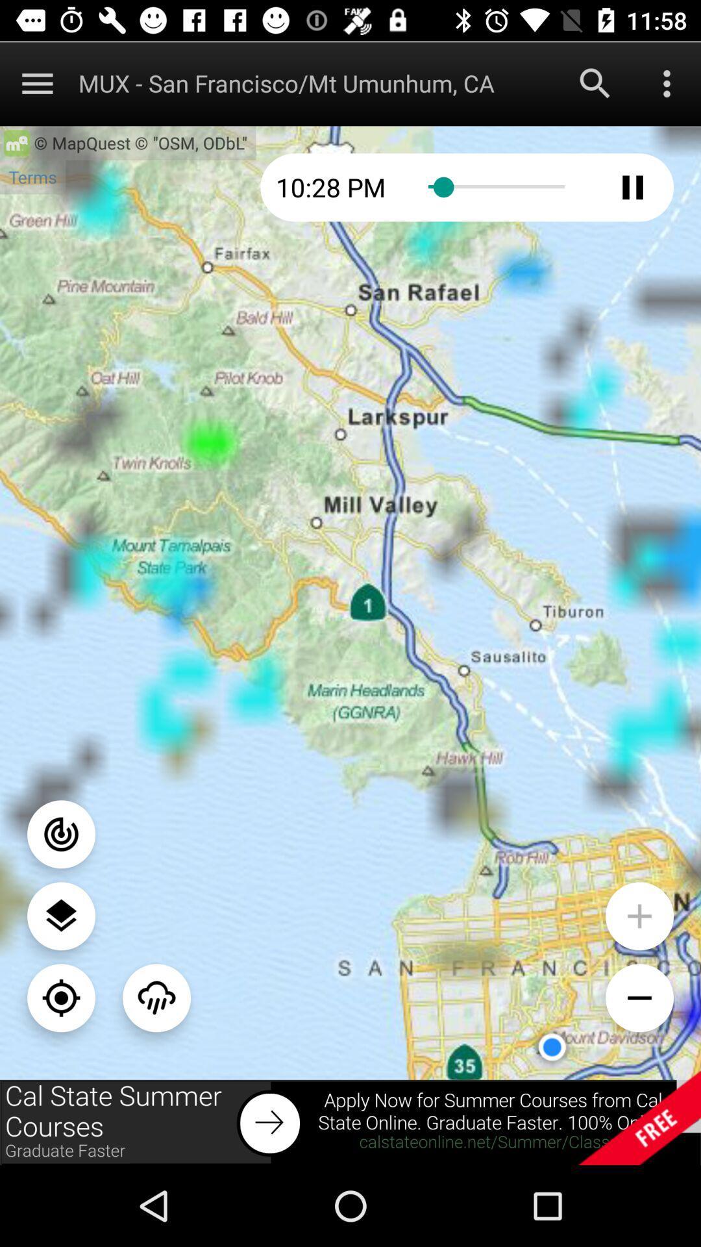 The image size is (701, 1247). What do you see at coordinates (632, 186) in the screenshot?
I see `to pause radar` at bounding box center [632, 186].